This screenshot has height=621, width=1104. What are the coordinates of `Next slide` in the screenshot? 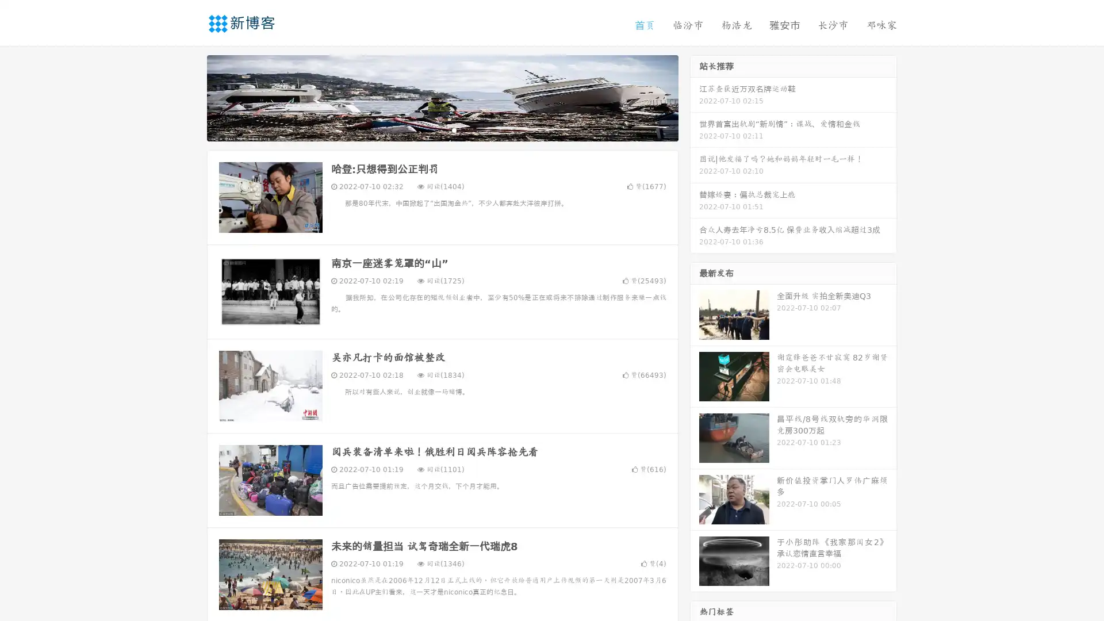 It's located at (695, 97).